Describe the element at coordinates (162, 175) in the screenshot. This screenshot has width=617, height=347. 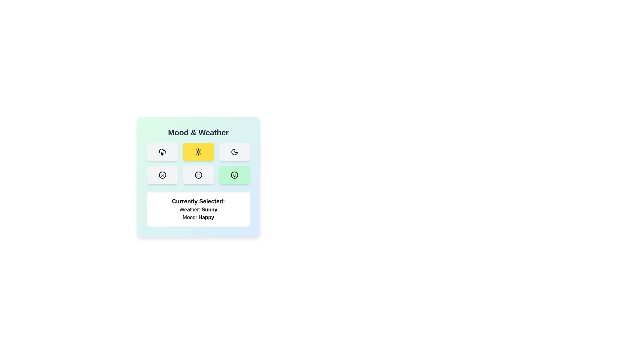
I see `the sad mood icon located in the center of the bottom row of a 3x3 grid` at that location.